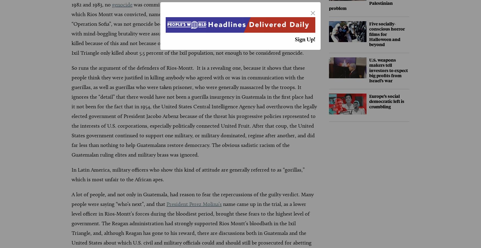  What do you see at coordinates (71, 175) in the screenshot?
I see `'In Latin America, military officers who show this kind of attitude are generally referred to as “gorillas,” which is most unfair to the African apes.'` at bounding box center [71, 175].